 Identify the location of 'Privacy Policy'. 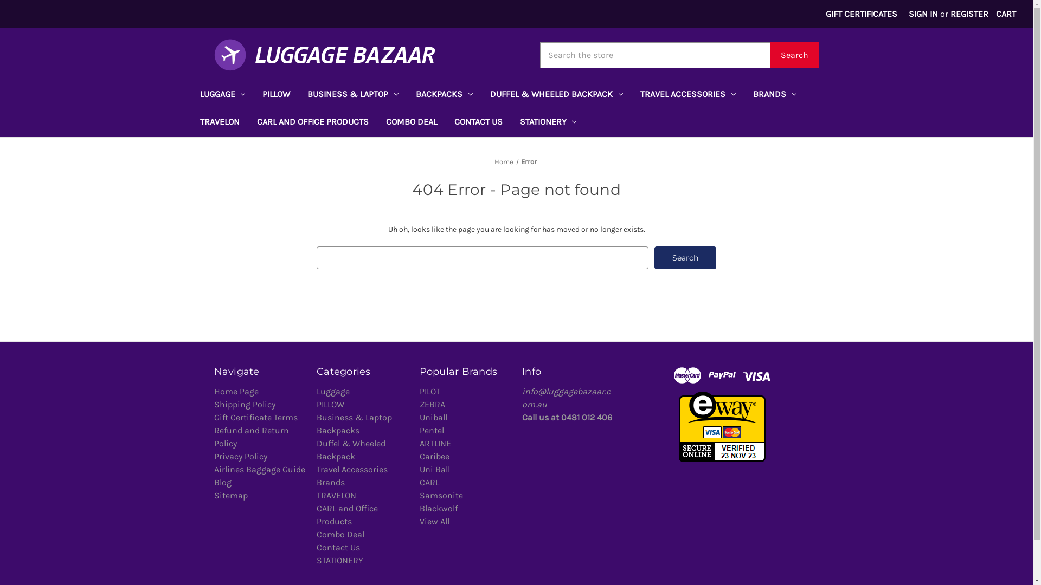
(213, 456).